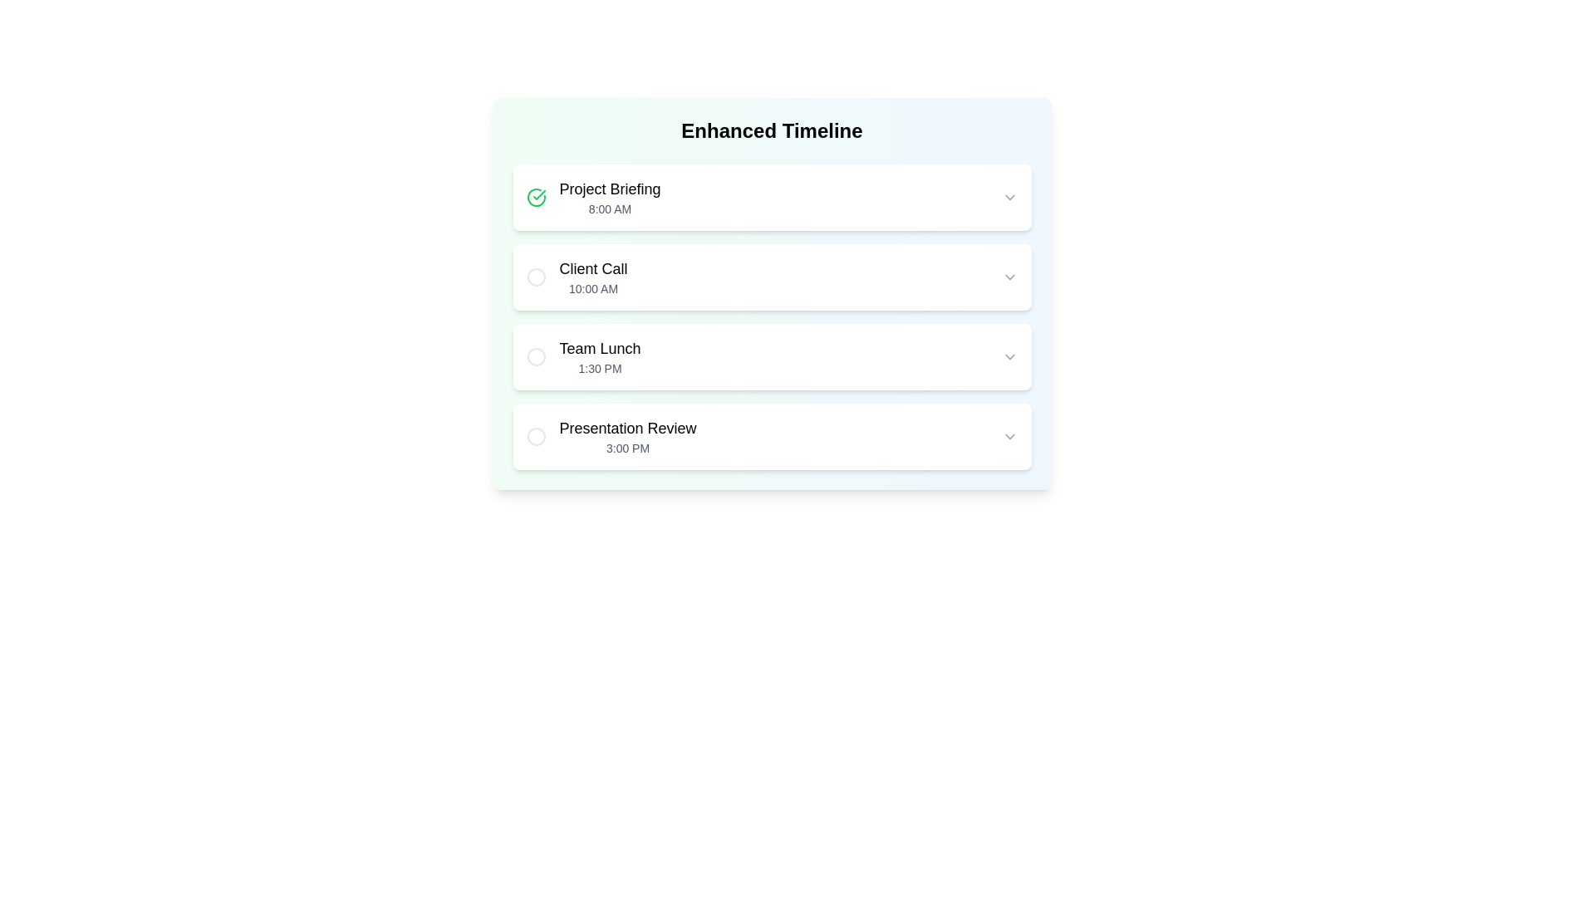 This screenshot has width=1595, height=897. I want to click on the status indicator located to the left of the 'Presentation Review' title and '3:00 PM' time in the list of events, so click(536, 435).